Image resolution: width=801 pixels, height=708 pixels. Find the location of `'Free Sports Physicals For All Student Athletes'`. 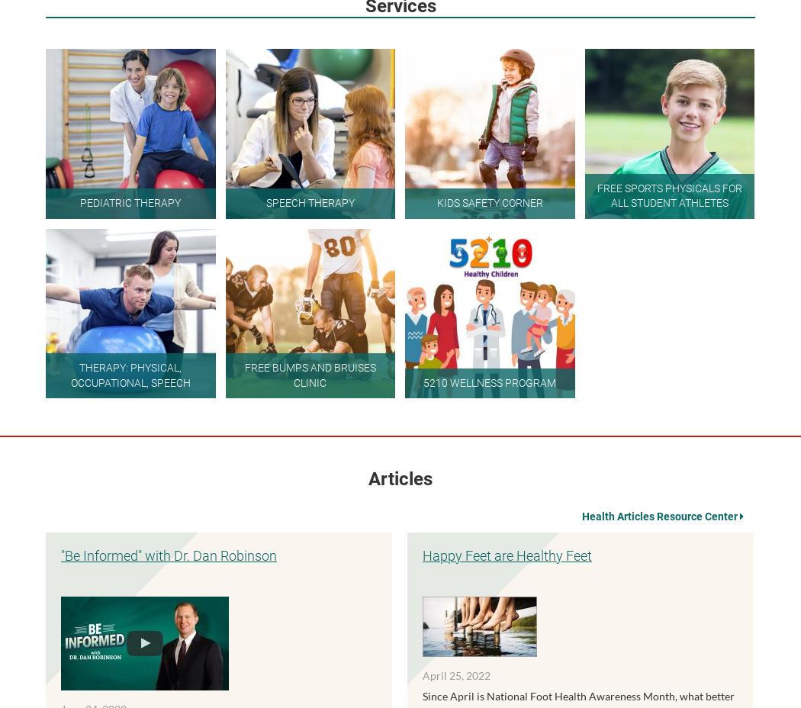

'Free Sports Physicals For All Student Athletes' is located at coordinates (667, 195).